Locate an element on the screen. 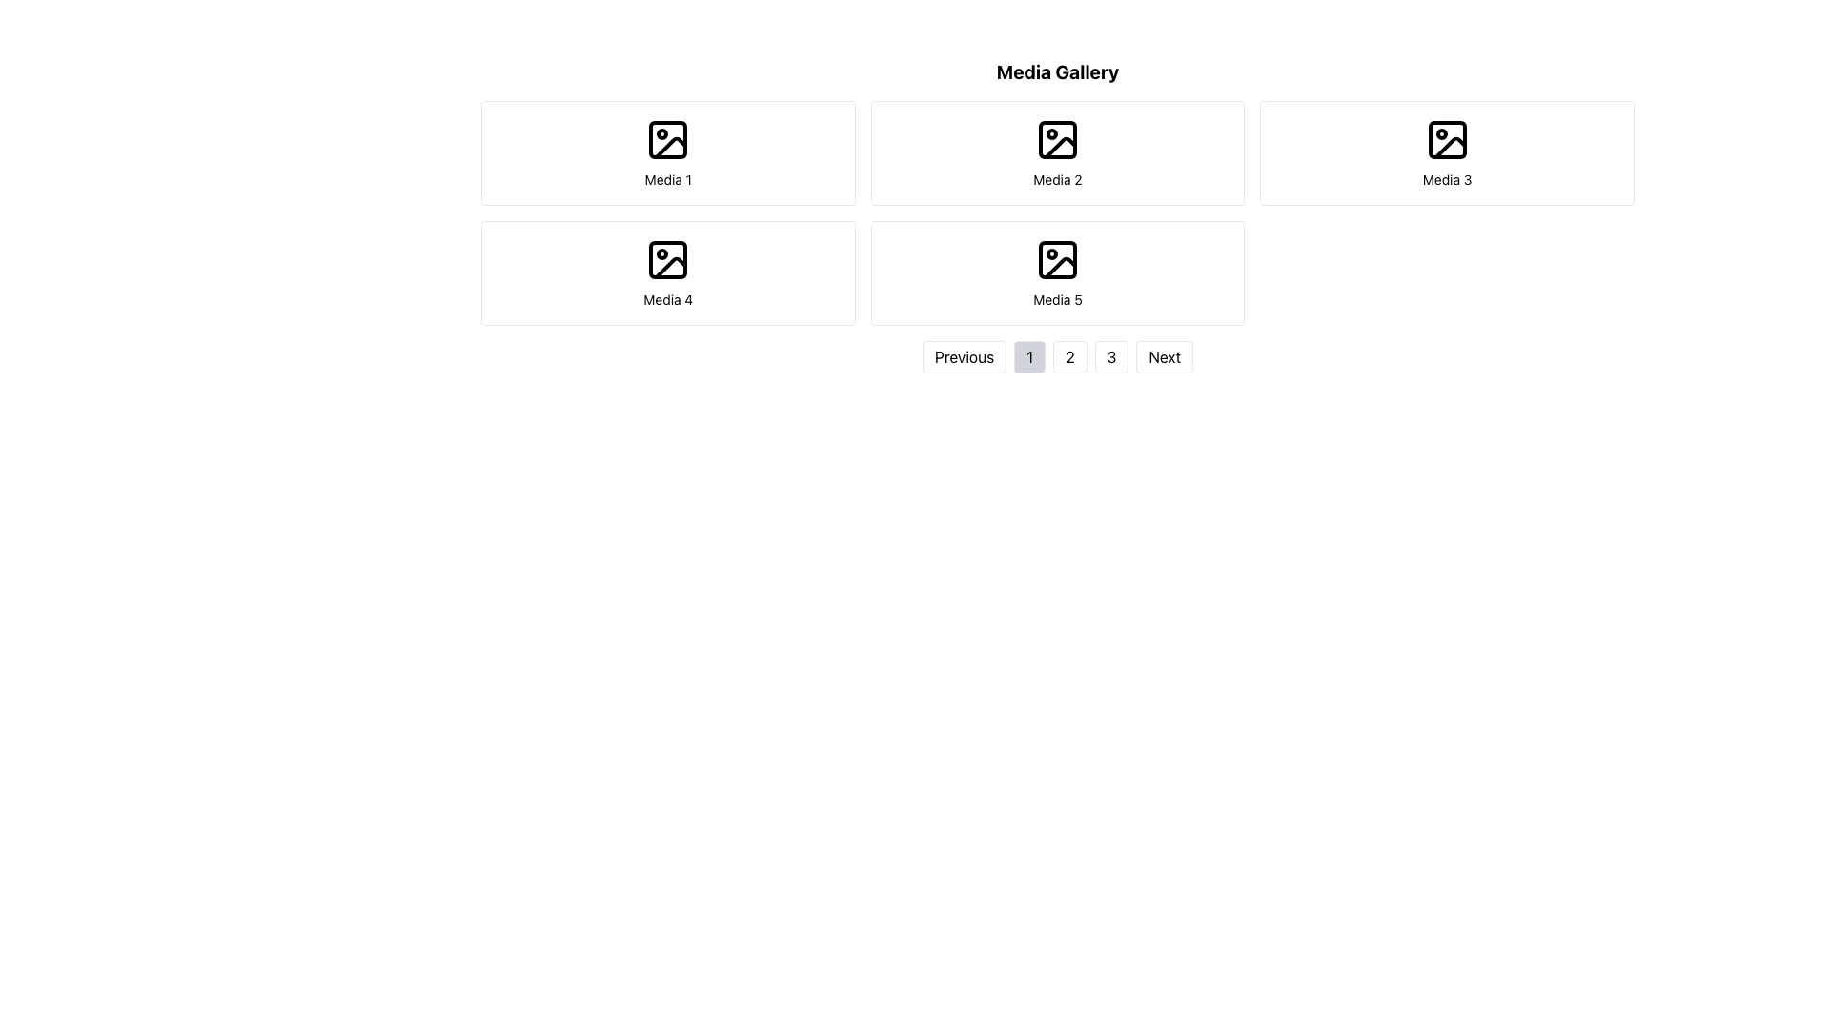 This screenshot has width=1830, height=1029. the highlighted navigation button labeled '2' is located at coordinates (1056, 356).